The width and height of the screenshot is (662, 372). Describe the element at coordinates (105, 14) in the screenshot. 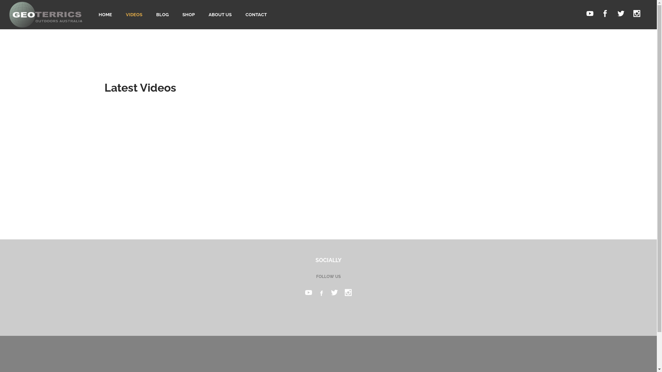

I see `'HOME'` at that location.